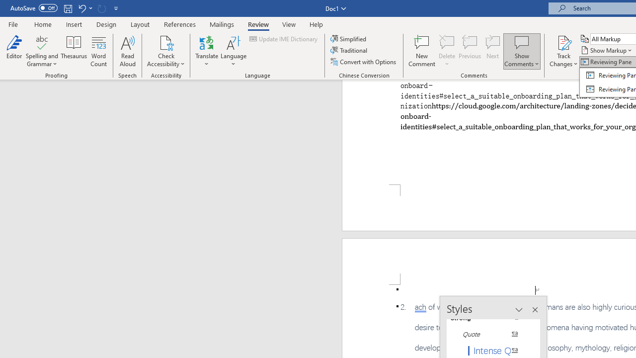  Describe the element at coordinates (563, 51) in the screenshot. I see `'Track Changes'` at that location.